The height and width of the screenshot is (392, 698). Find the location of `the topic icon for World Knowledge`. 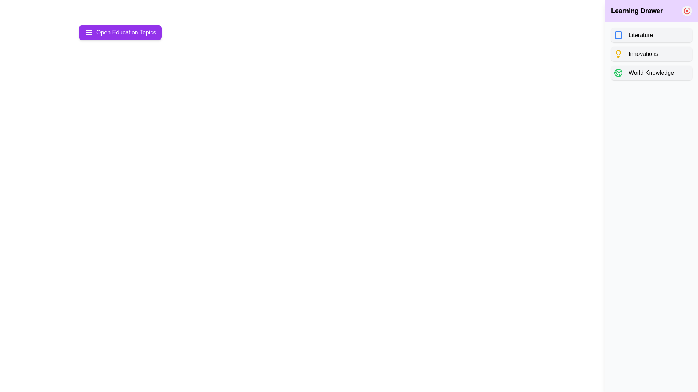

the topic icon for World Knowledge is located at coordinates (618, 73).